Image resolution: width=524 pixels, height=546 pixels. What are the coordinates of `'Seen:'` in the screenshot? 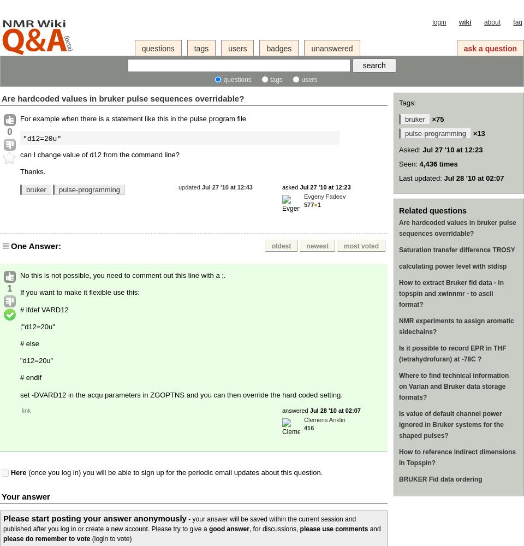 It's located at (398, 164).